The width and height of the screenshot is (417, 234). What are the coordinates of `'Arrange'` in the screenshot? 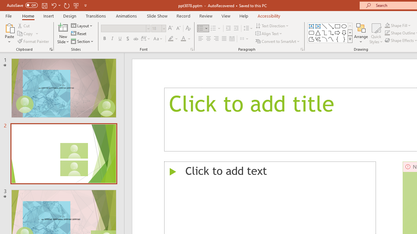 It's located at (361, 33).